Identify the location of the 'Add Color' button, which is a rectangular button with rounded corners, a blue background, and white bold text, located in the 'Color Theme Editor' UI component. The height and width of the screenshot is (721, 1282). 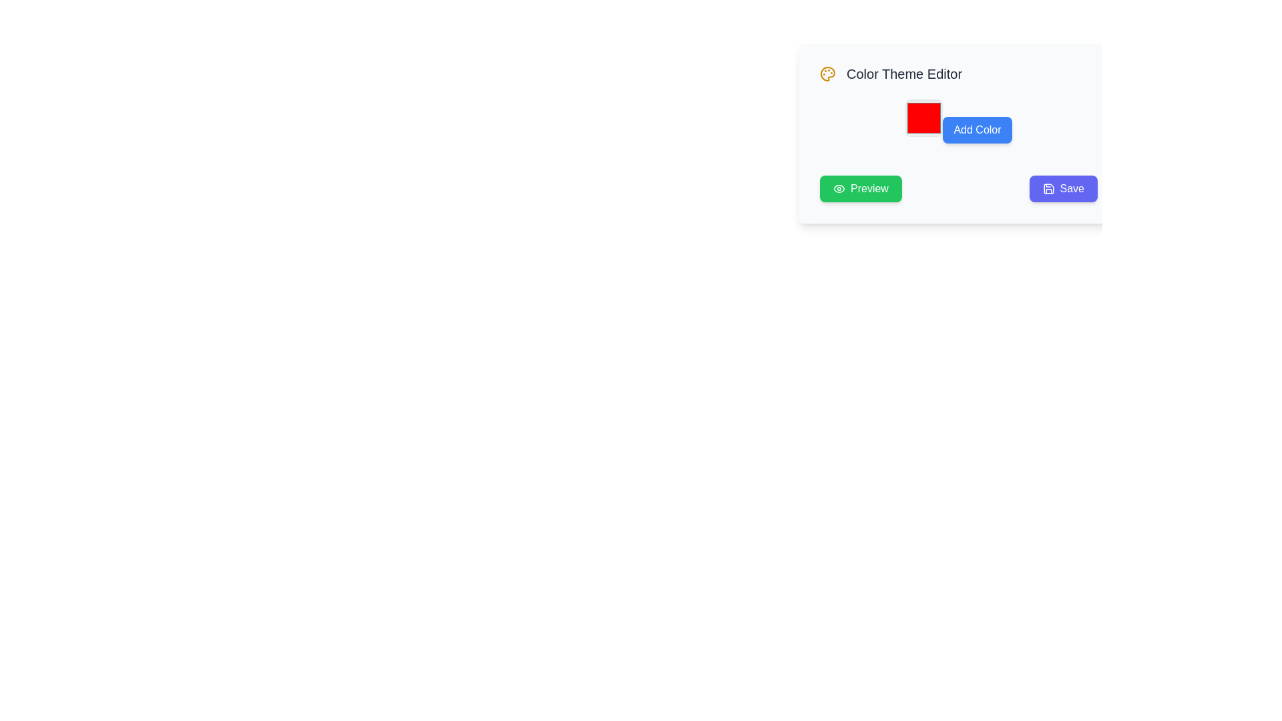
(978, 130).